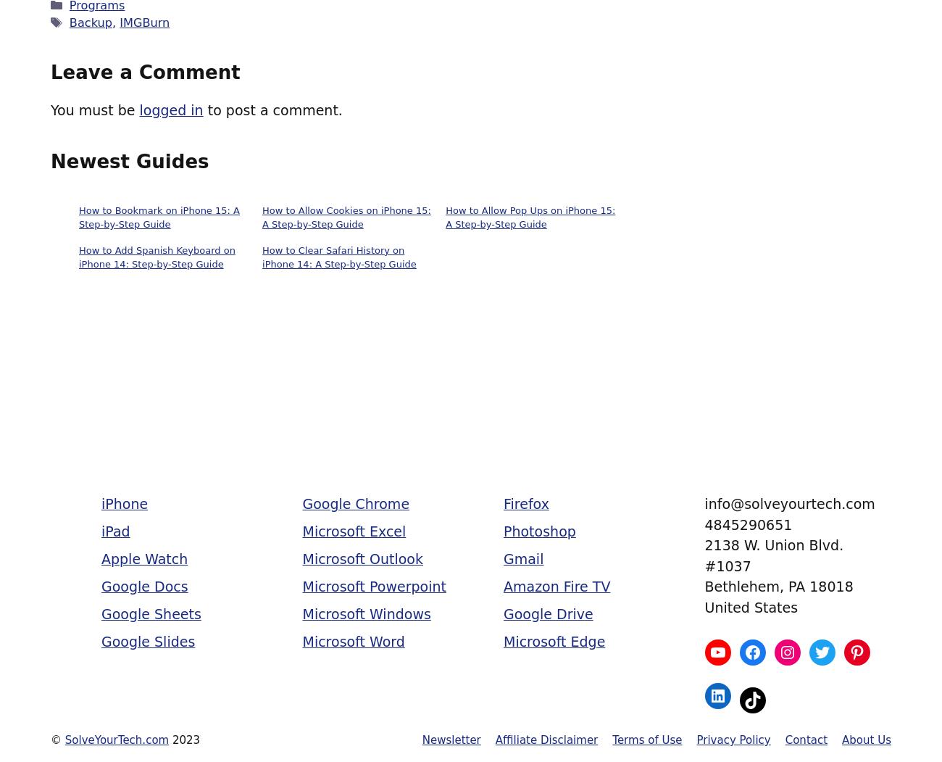 The height and width of the screenshot is (762, 942). Describe the element at coordinates (352, 641) in the screenshot. I see `'Microsoft Word'` at that location.